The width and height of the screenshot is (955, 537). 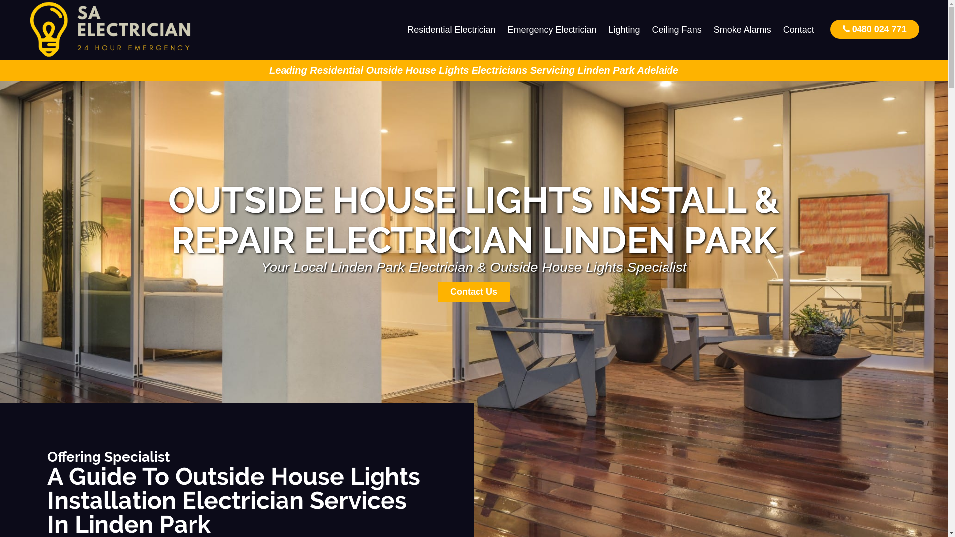 I want to click on 'Ceiling Fans', so click(x=676, y=29).